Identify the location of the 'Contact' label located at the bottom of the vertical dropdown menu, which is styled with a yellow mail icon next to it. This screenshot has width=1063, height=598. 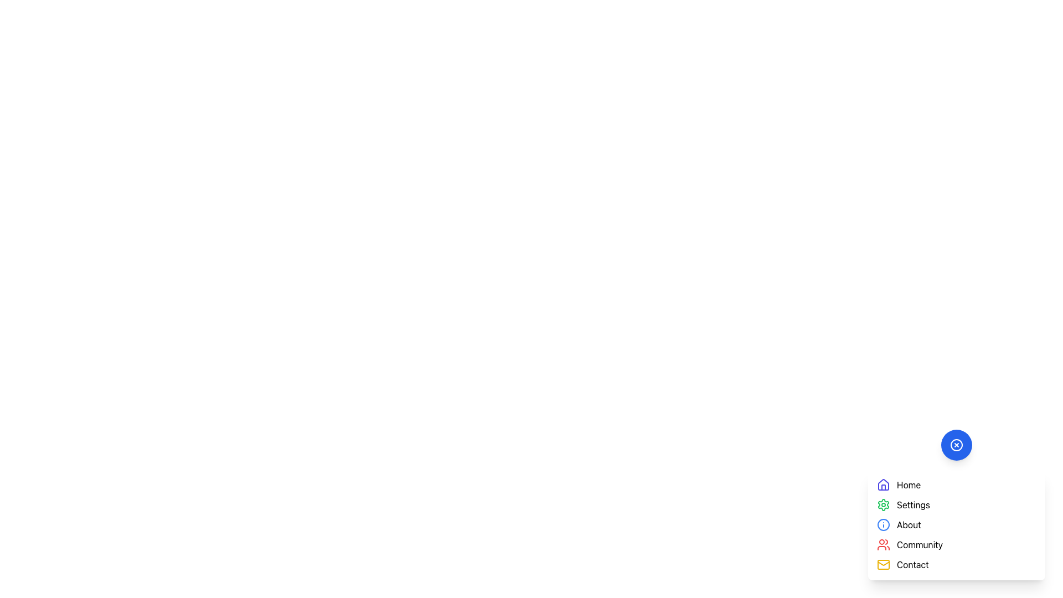
(912, 564).